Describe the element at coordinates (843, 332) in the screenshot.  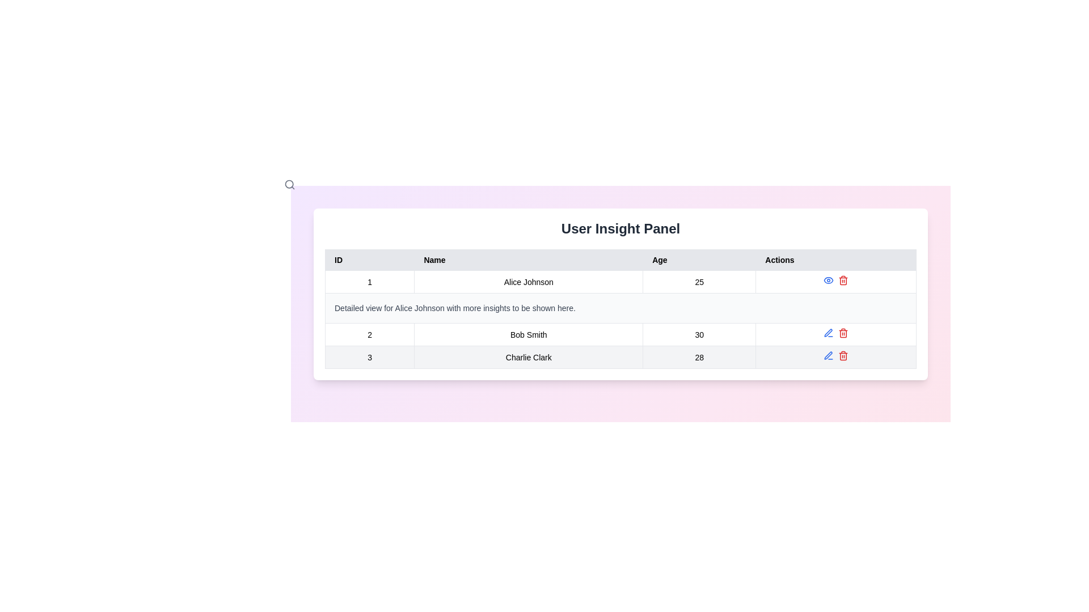
I see `the delete button located as the last icon on the right in the 'Actions' column of the second row in the table` at that location.